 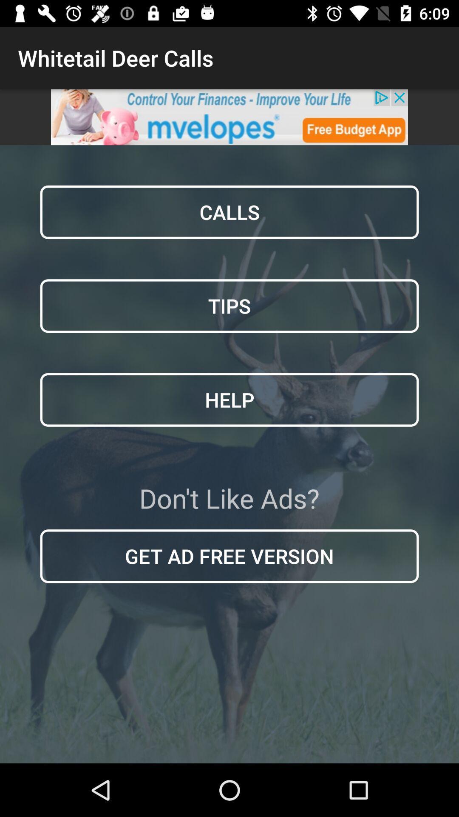 I want to click on click advertisement, so click(x=229, y=117).